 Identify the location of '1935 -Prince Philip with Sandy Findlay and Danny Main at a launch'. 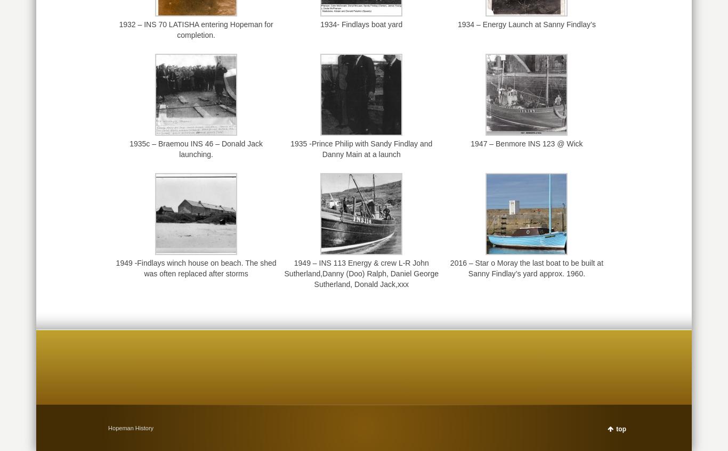
(360, 149).